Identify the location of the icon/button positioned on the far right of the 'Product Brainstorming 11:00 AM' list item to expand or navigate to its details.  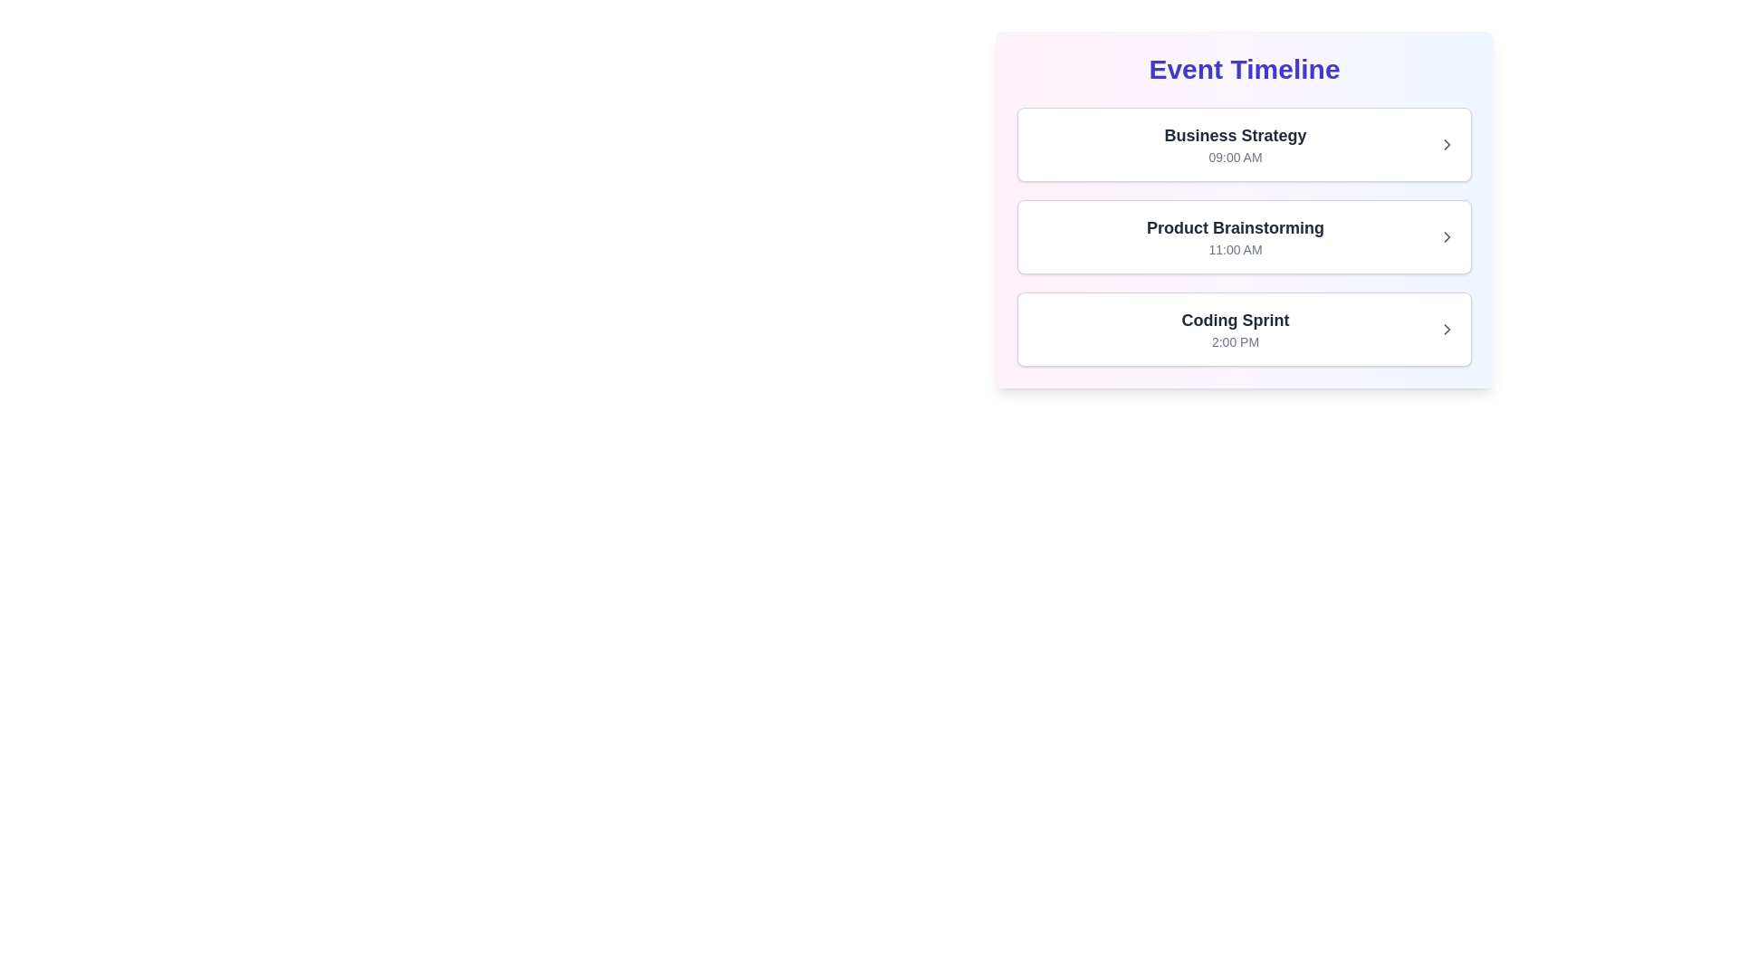
(1446, 236).